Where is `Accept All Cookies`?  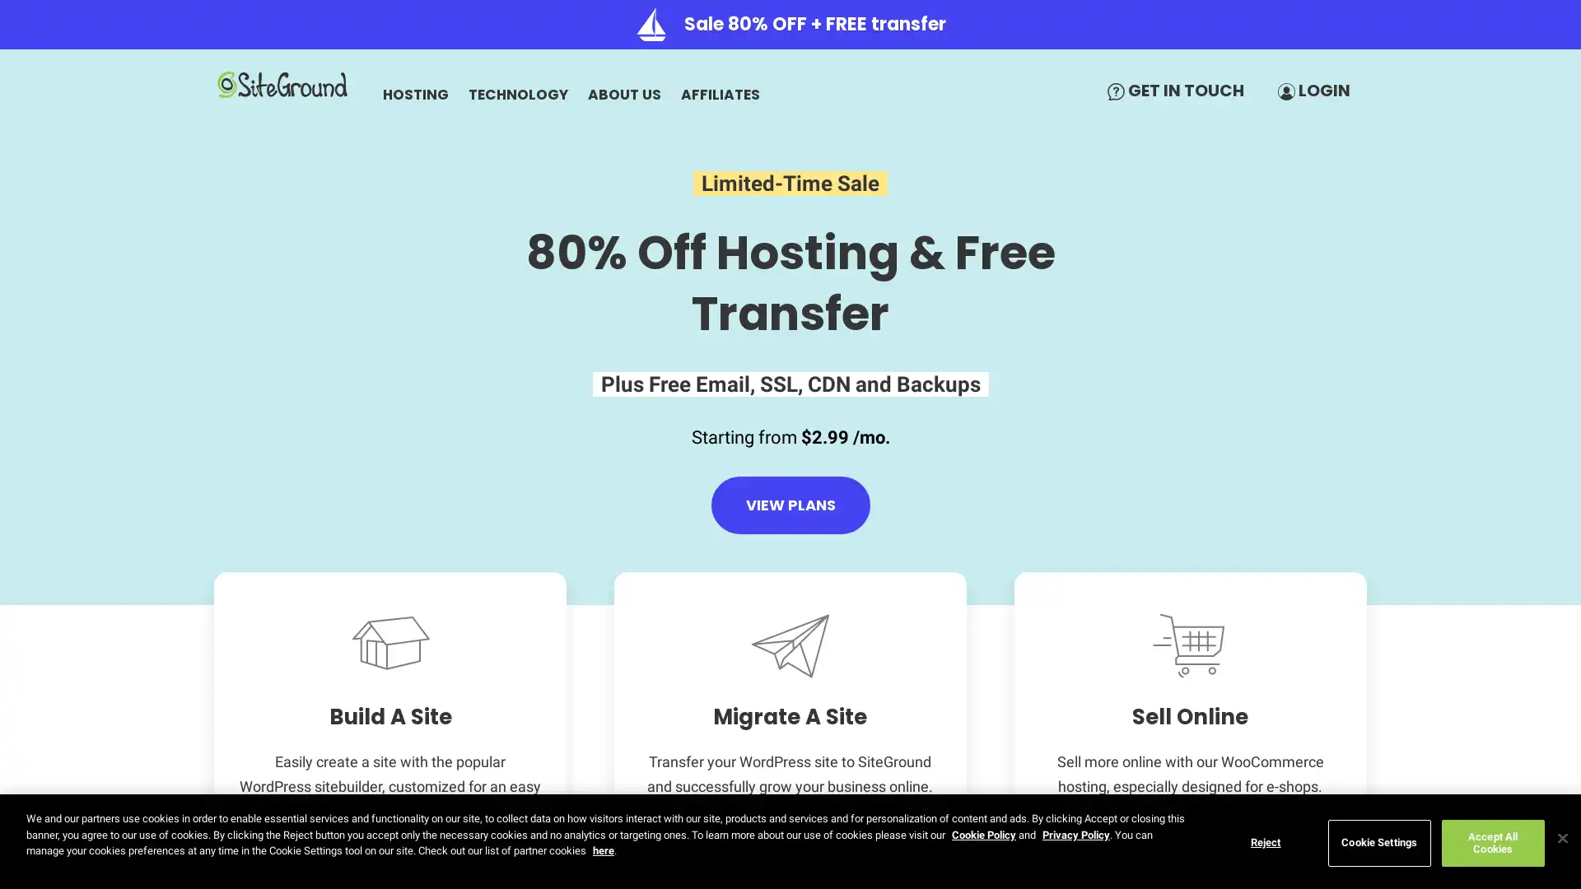
Accept All Cookies is located at coordinates (1492, 842).